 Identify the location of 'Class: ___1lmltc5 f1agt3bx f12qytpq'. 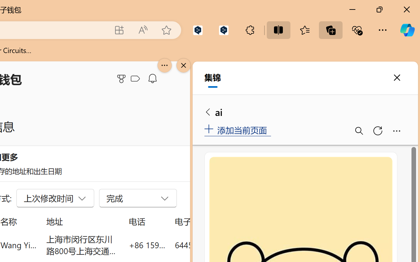
(135, 79).